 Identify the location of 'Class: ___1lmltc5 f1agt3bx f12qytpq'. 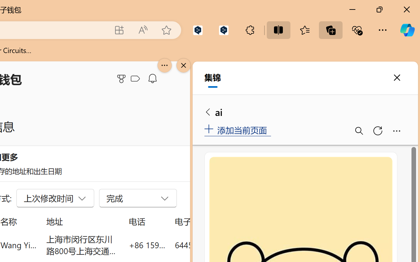
(135, 79).